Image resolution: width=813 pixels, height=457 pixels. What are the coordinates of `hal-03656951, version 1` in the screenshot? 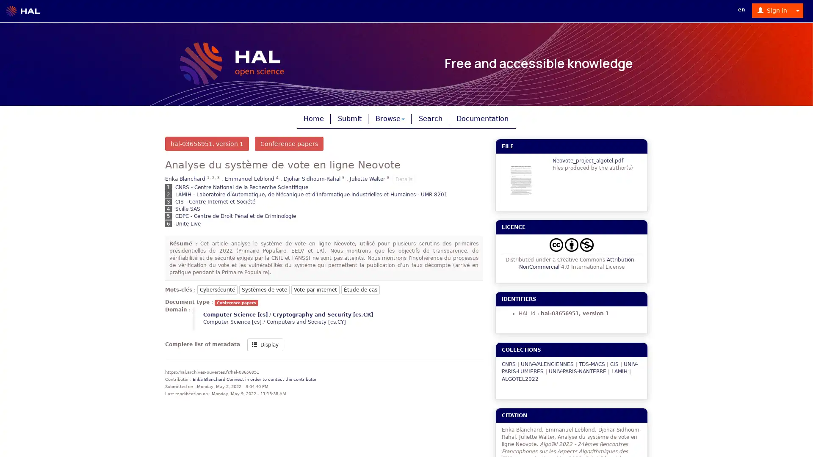 It's located at (207, 143).